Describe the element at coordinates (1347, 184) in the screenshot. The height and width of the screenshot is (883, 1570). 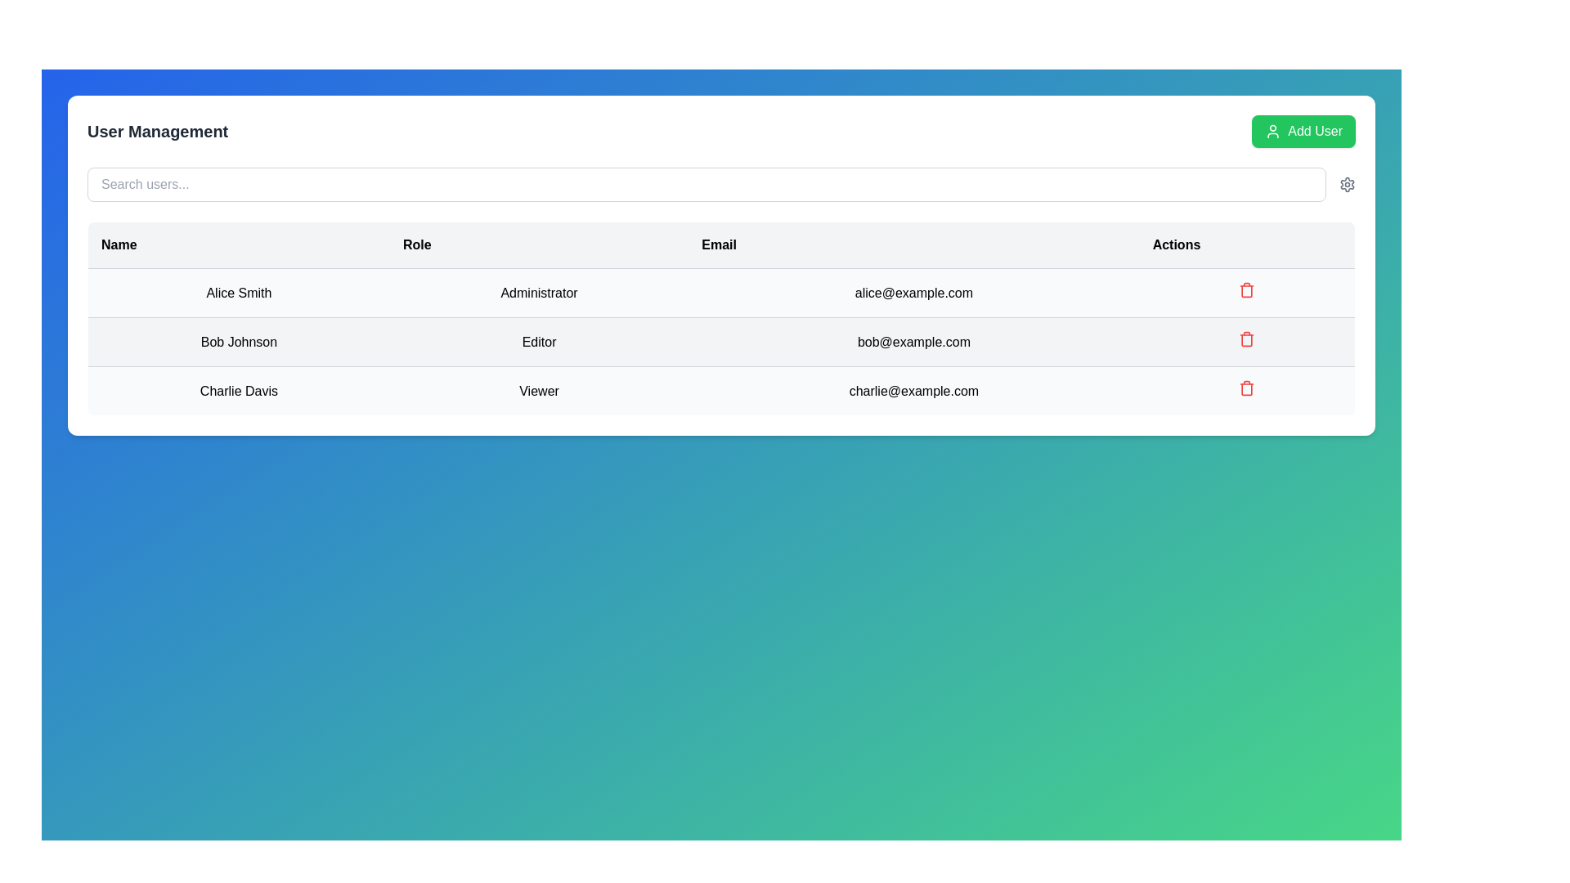
I see `the gear icon located in the top-right corner of the interface` at that location.